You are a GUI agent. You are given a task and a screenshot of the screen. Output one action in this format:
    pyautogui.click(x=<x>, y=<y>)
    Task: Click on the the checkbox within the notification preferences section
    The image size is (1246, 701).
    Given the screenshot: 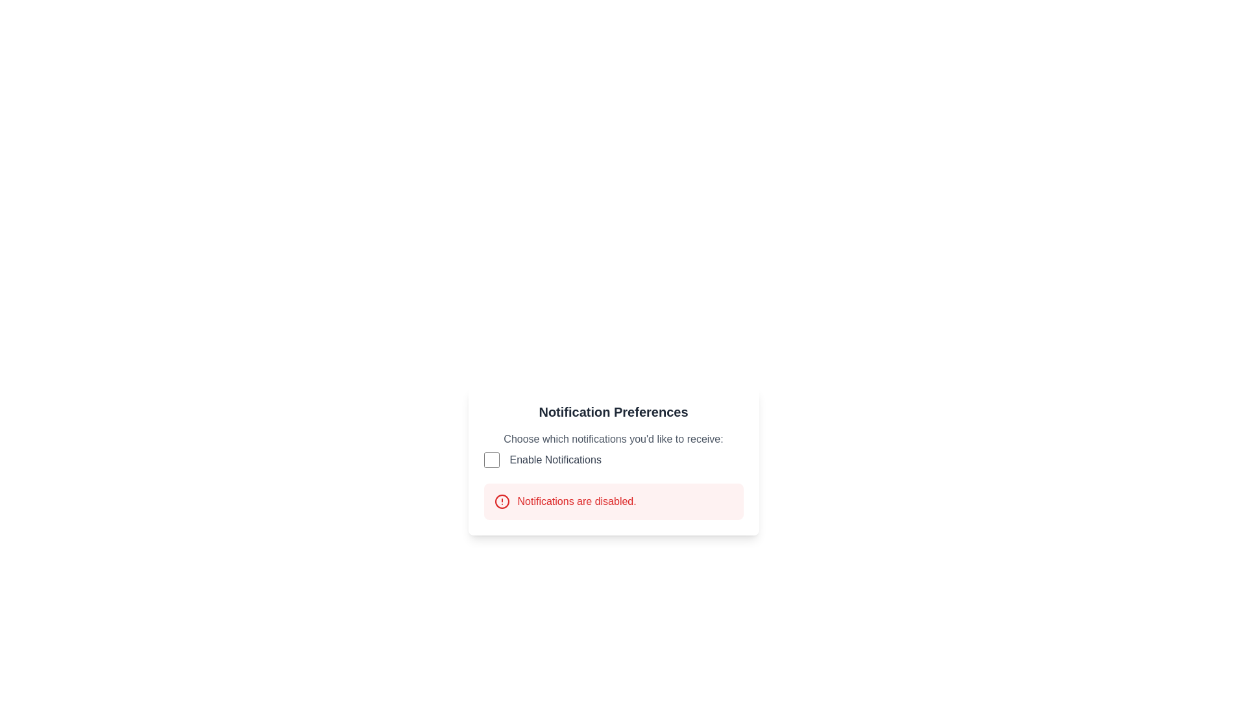 What is the action you would take?
    pyautogui.click(x=613, y=449)
    